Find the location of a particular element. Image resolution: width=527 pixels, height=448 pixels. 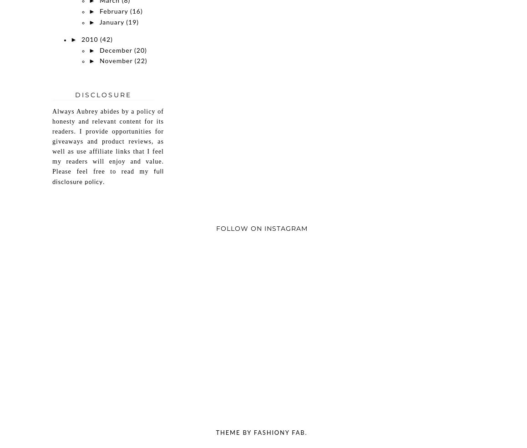

'2010' is located at coordinates (81, 39).